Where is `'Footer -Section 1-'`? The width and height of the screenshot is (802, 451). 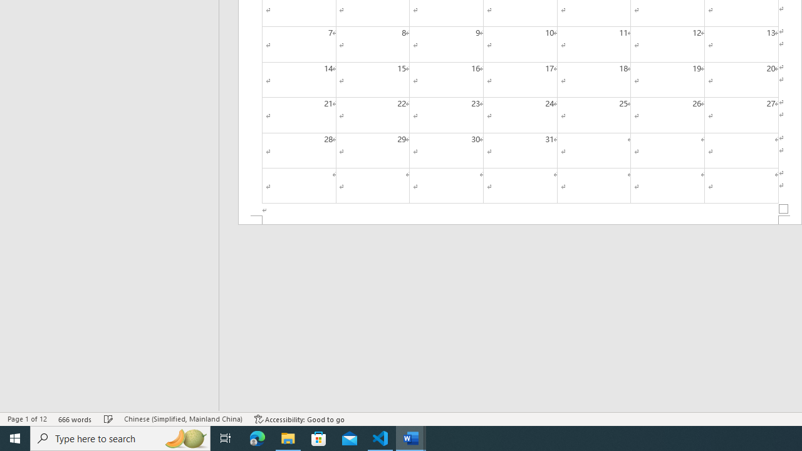 'Footer -Section 1-' is located at coordinates (520, 219).